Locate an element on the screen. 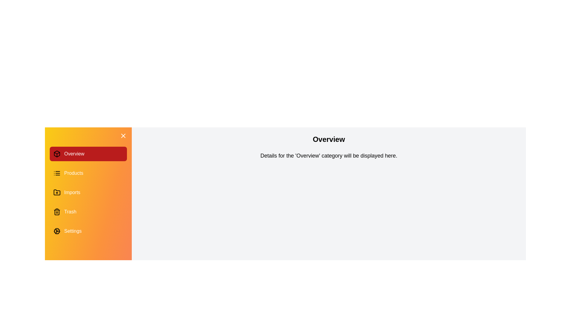 The image size is (579, 326). the category Imports in the drawer to switch the content displayed is located at coordinates (88, 192).